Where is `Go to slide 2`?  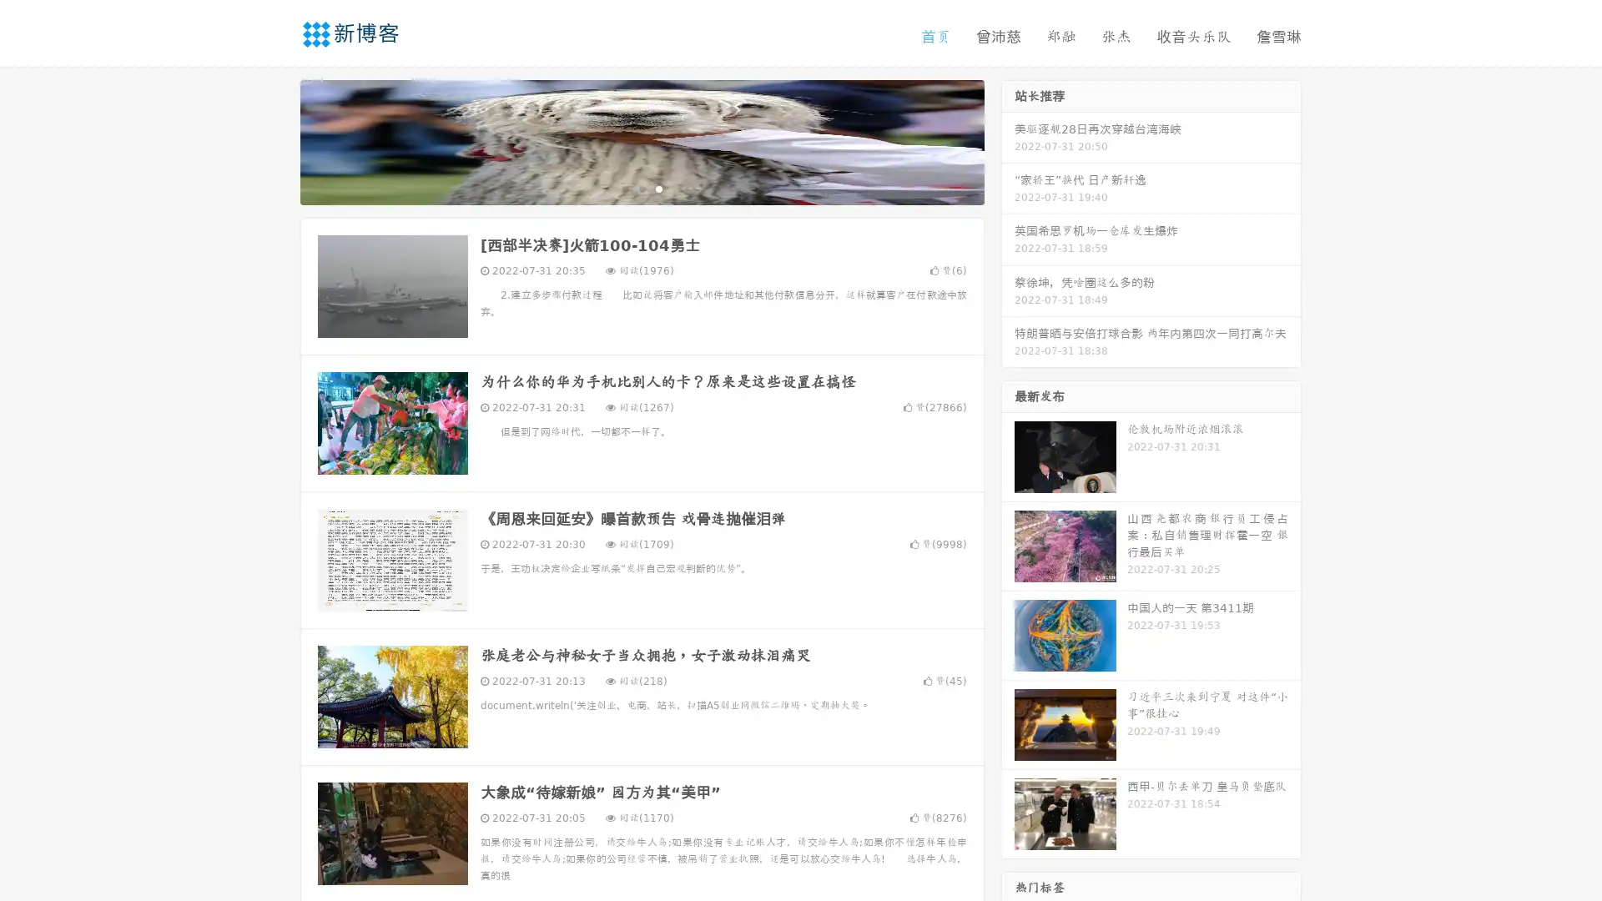 Go to slide 2 is located at coordinates (641, 188).